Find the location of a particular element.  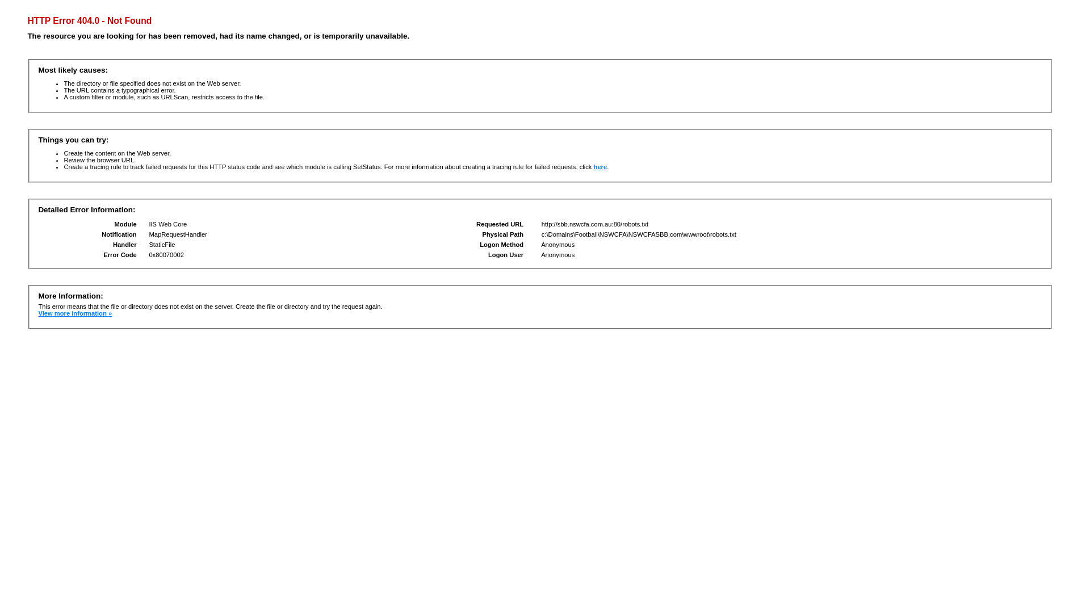

'here' is located at coordinates (599, 166).